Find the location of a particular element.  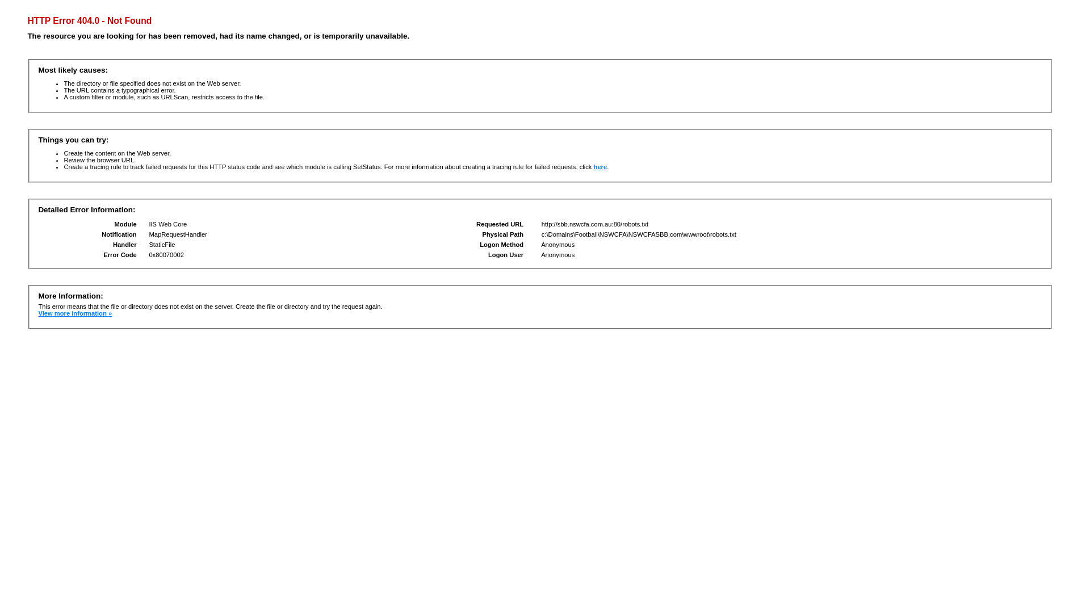

'here' is located at coordinates (599, 166).